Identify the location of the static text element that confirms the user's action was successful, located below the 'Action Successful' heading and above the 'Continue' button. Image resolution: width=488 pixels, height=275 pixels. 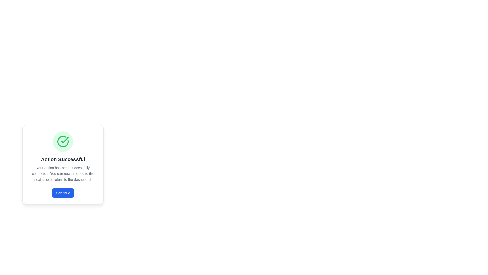
(63, 173).